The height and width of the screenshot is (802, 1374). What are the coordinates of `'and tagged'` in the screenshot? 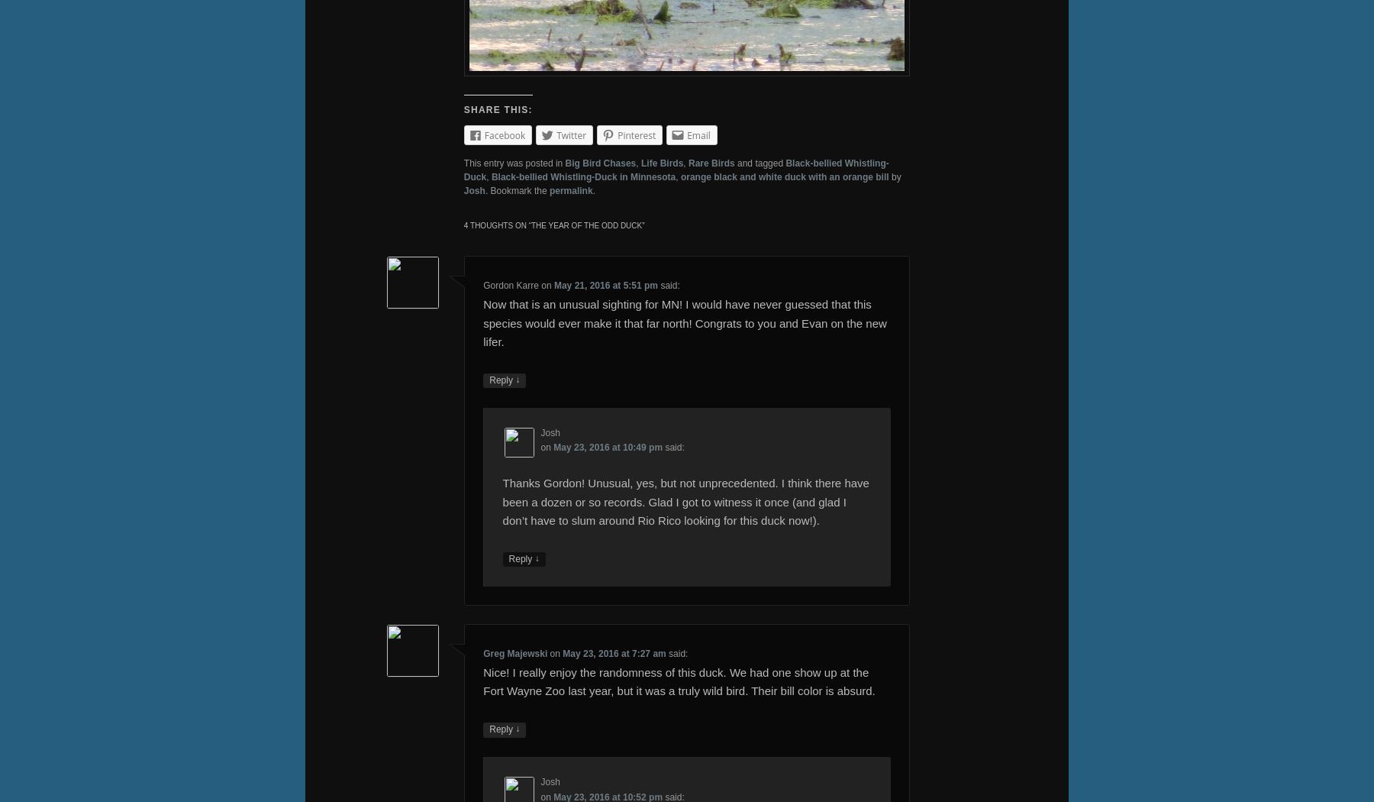 It's located at (759, 162).